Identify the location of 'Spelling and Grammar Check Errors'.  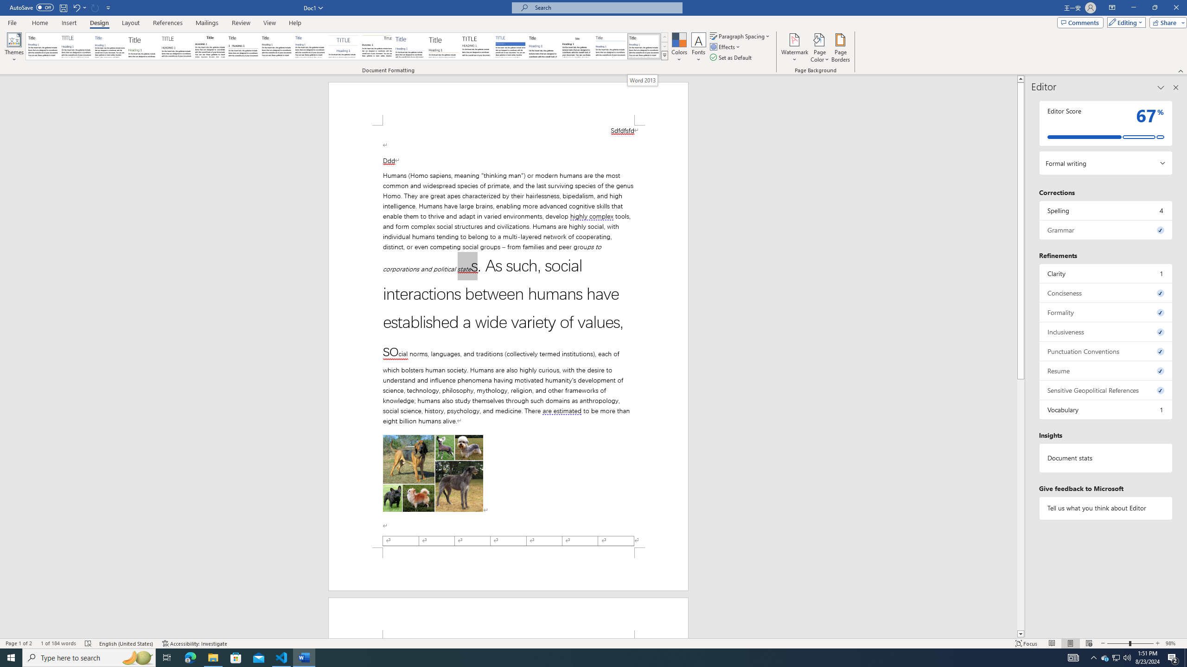
(88, 643).